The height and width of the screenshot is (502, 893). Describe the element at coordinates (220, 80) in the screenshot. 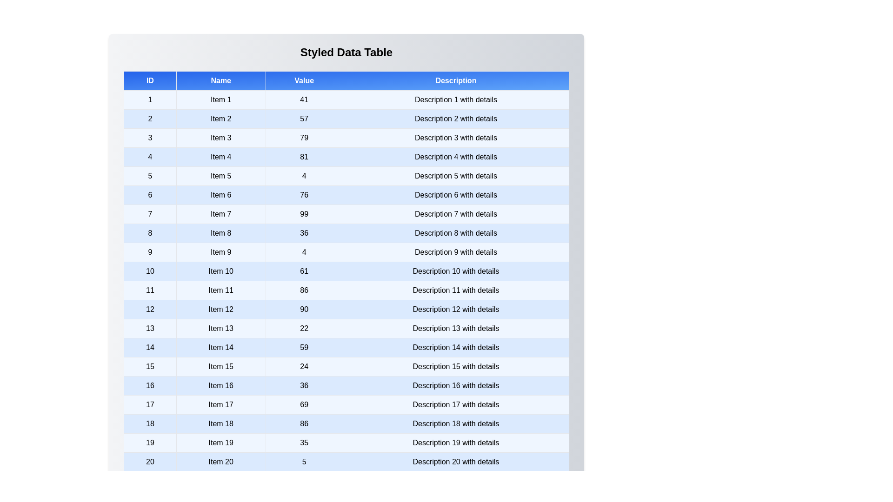

I see `the column header Name to sort the table by that column` at that location.